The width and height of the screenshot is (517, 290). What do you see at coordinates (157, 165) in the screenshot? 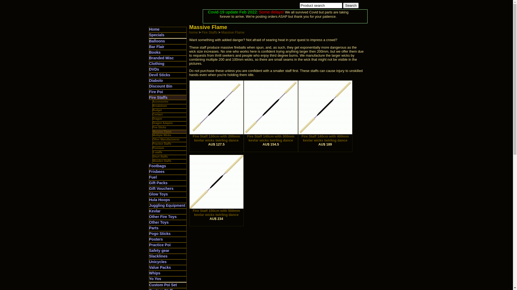
I see `'Footbags'` at bounding box center [157, 165].